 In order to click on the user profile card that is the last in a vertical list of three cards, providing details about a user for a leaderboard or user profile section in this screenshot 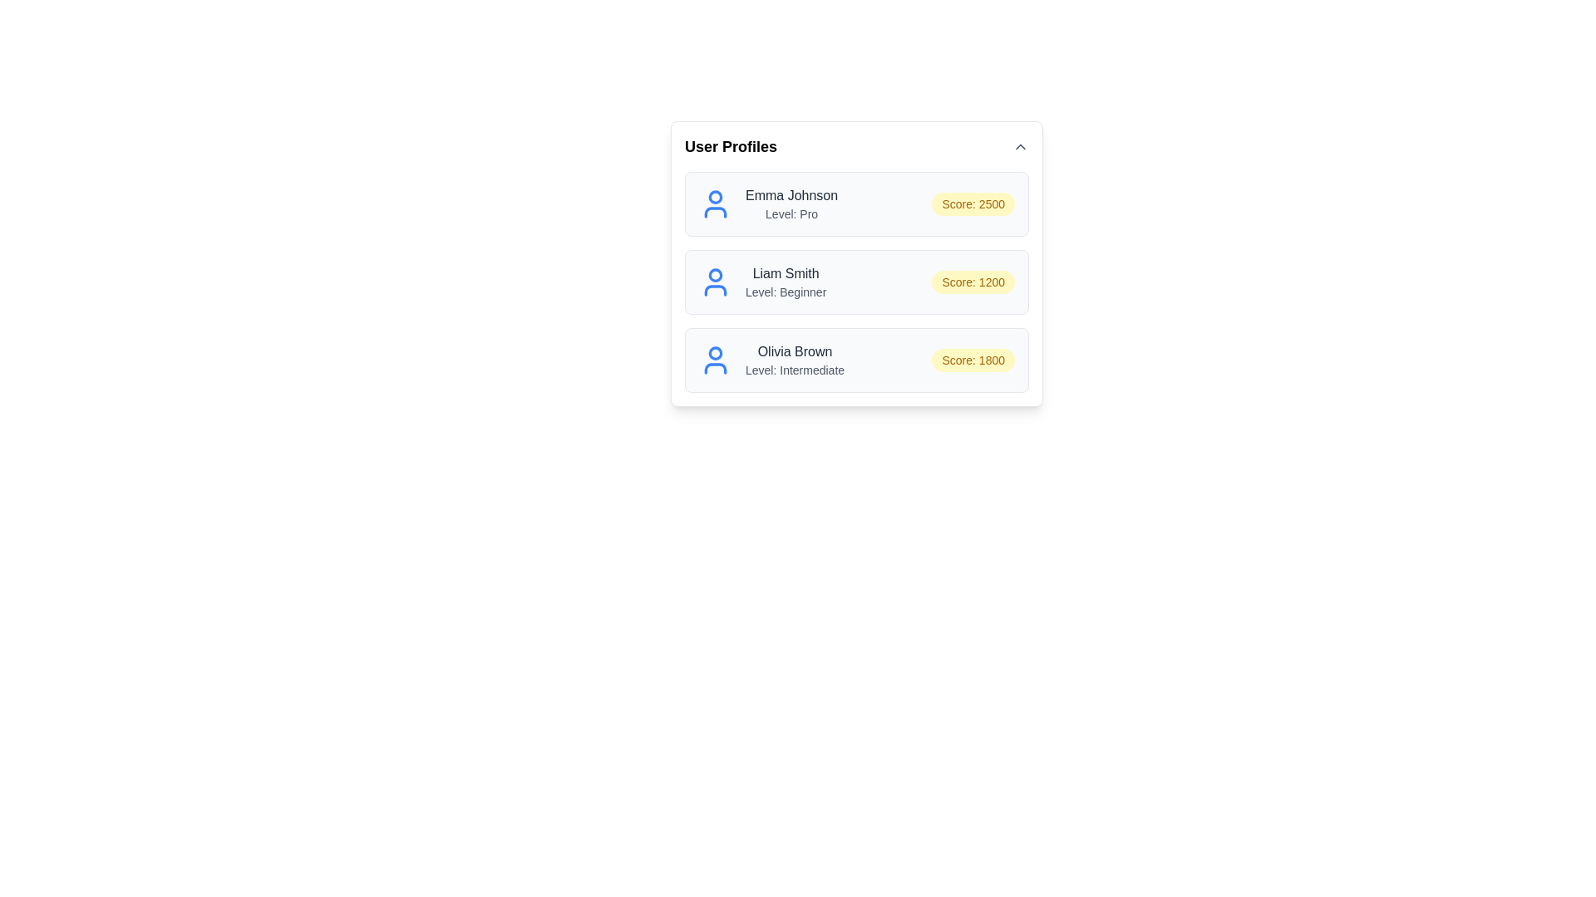, I will do `click(857, 360)`.